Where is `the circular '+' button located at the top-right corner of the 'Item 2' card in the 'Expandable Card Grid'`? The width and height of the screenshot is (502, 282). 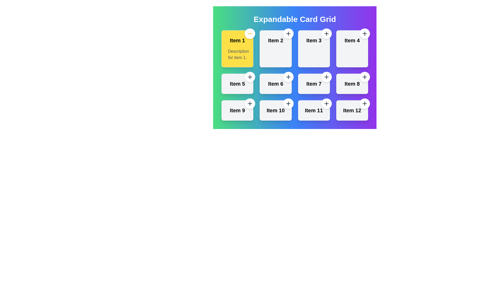
the circular '+' button located at the top-right corner of the 'Item 2' card in the 'Expandable Card Grid' is located at coordinates (288, 33).